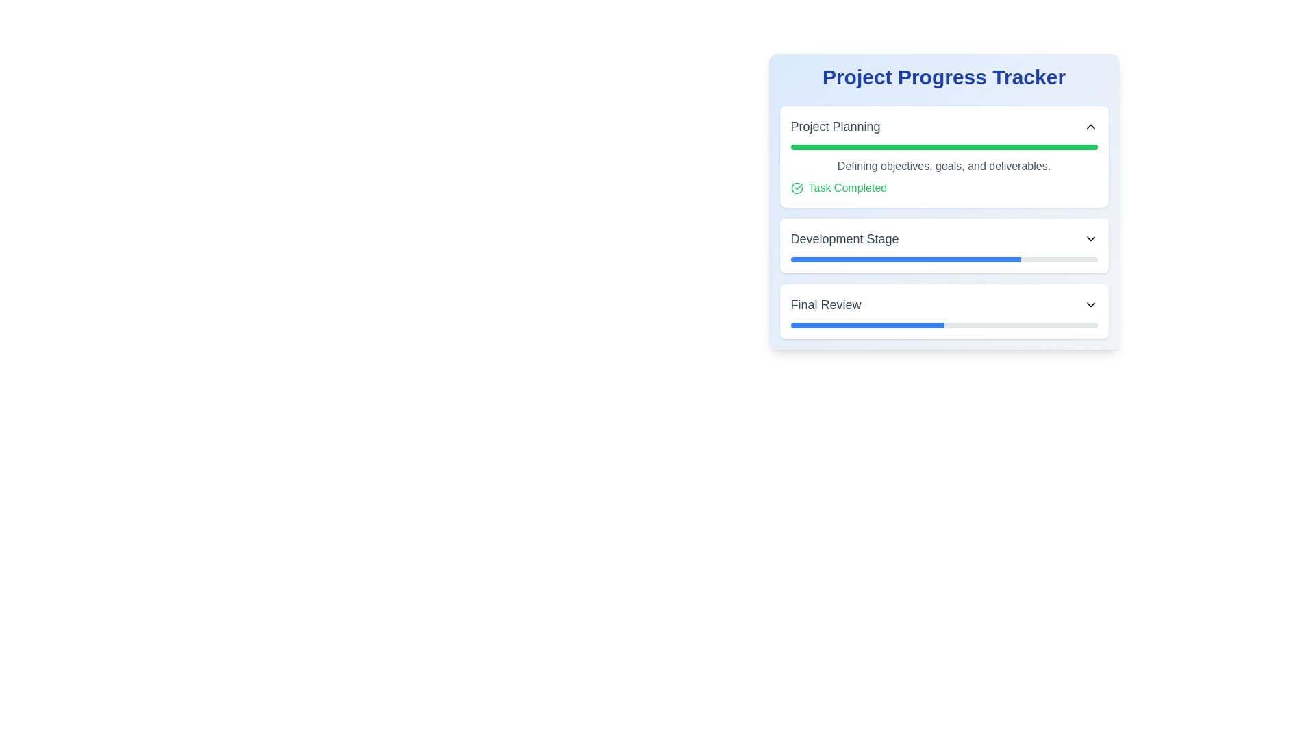  Describe the element at coordinates (892, 325) in the screenshot. I see `the completion percentage of the 'Final Review' progress bar` at that location.